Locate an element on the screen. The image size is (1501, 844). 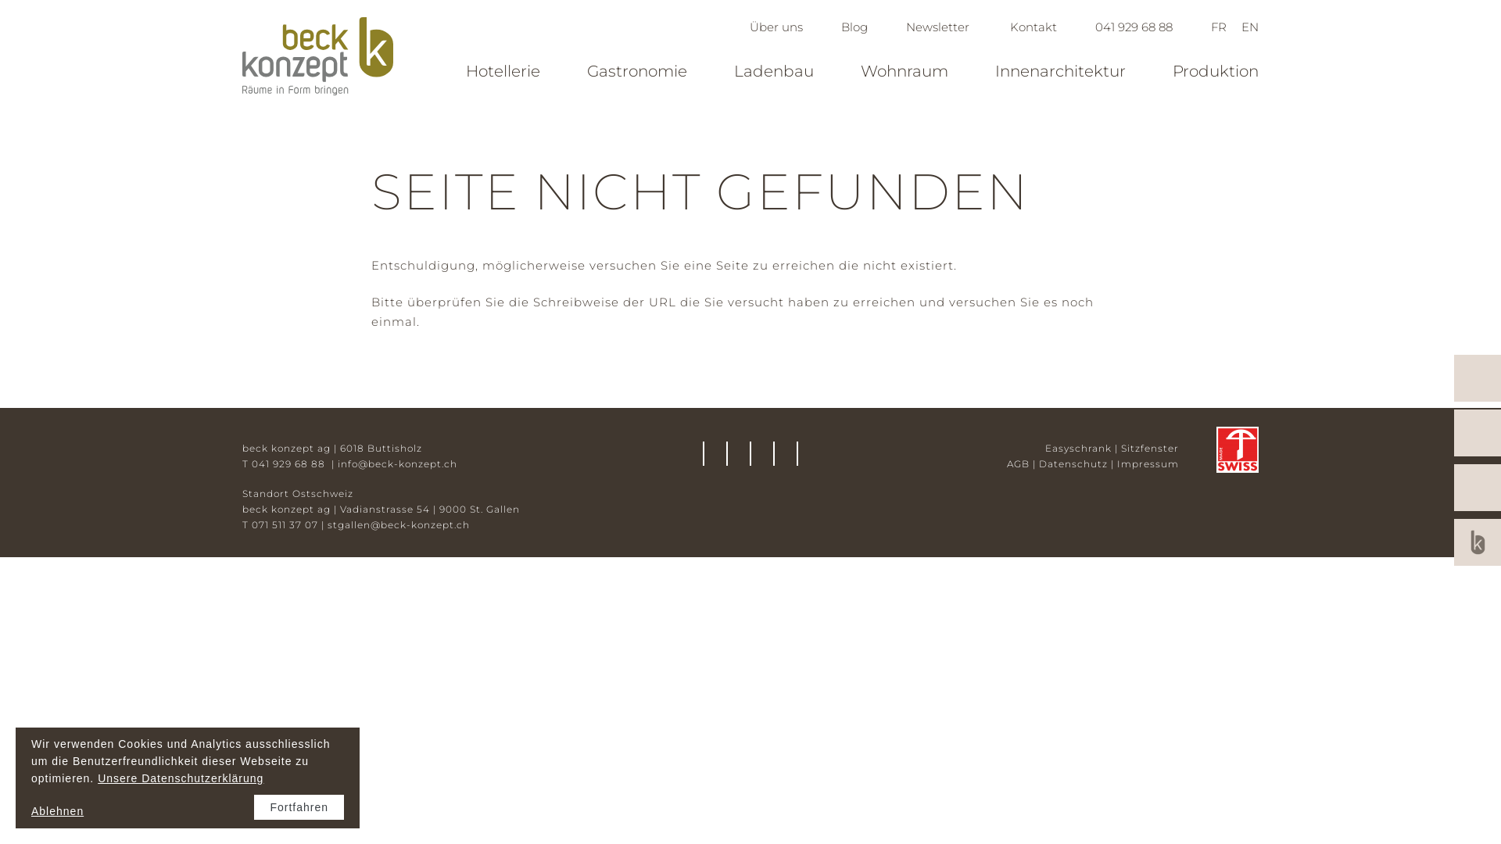
'Newsletter' is located at coordinates (937, 27).